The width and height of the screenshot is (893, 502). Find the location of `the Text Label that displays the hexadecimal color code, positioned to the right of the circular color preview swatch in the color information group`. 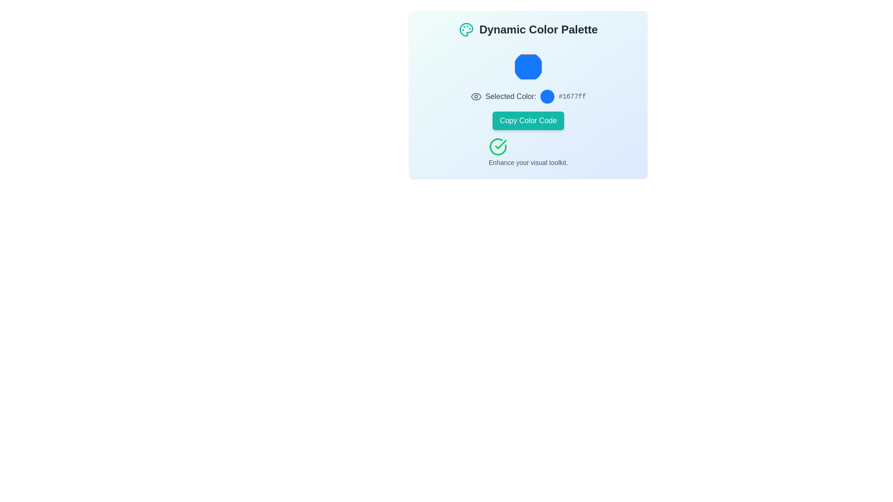

the Text Label that displays the hexadecimal color code, positioned to the right of the circular color preview swatch in the color information group is located at coordinates (572, 97).